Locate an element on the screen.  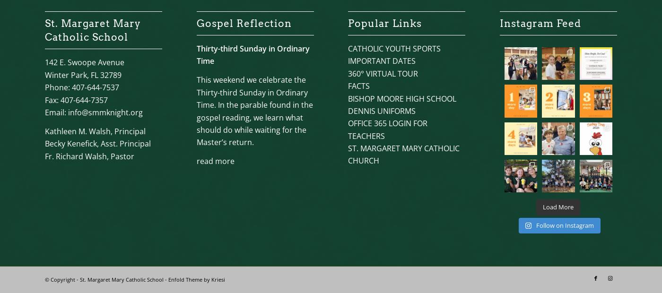
'info@smmknight.org' is located at coordinates (105, 112).